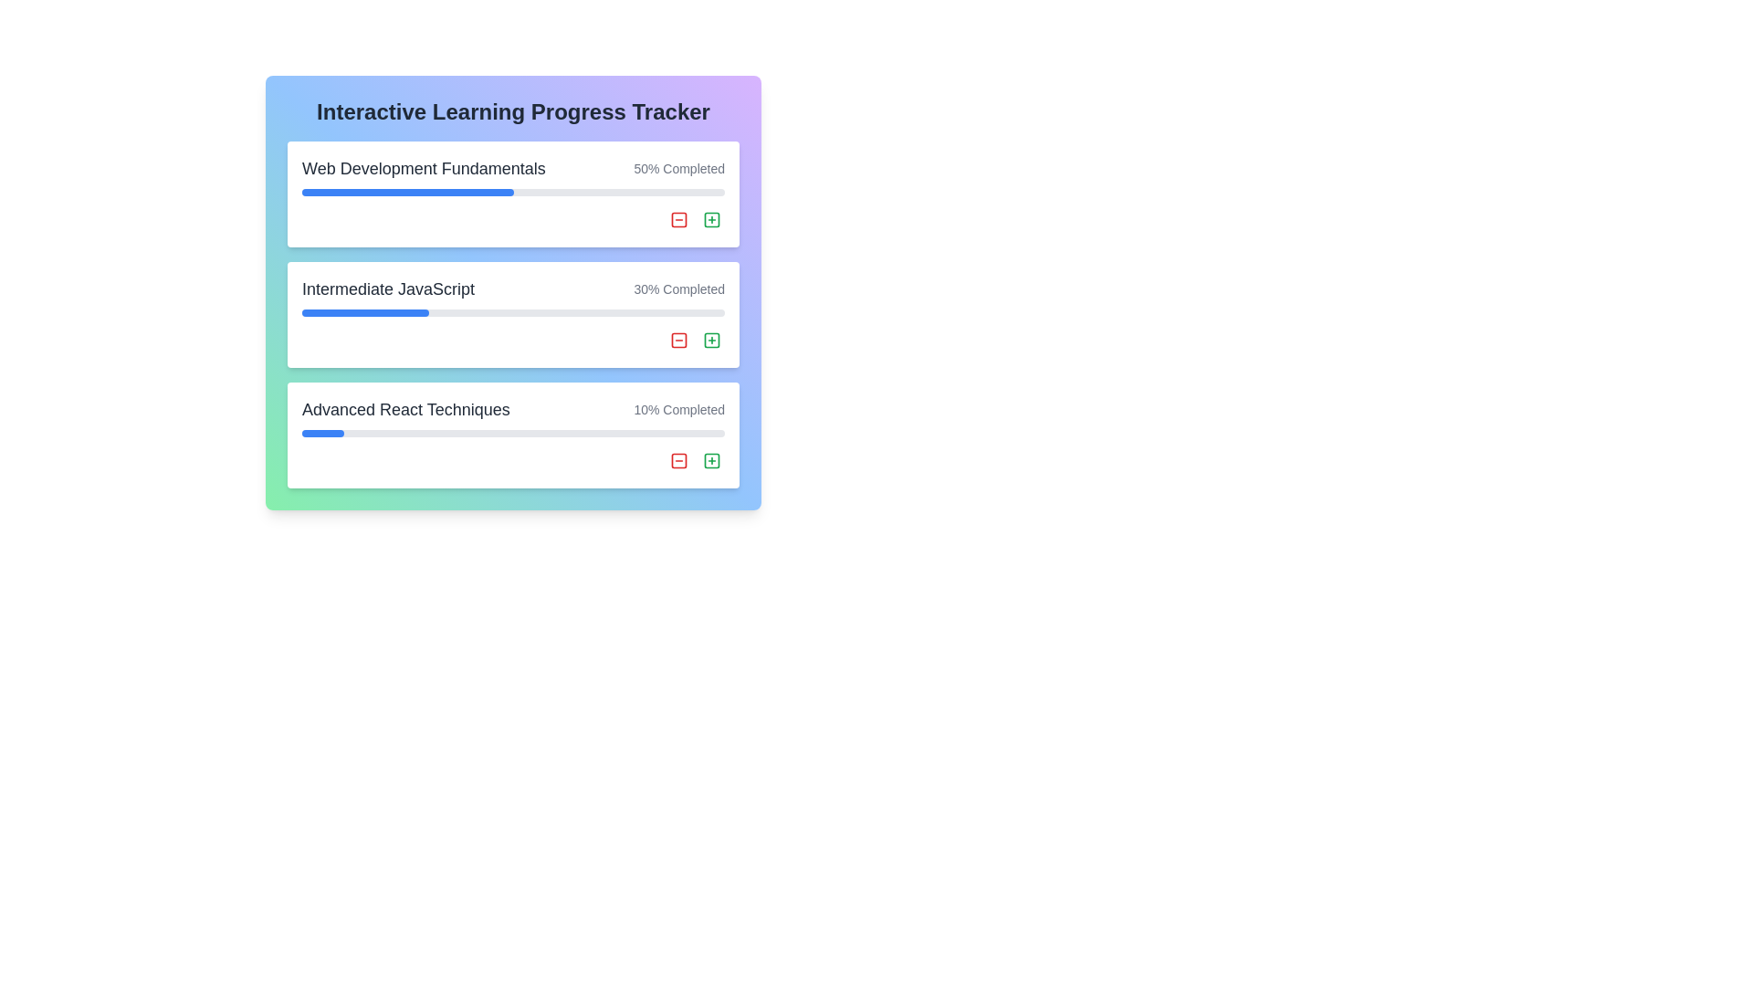  What do you see at coordinates (678, 341) in the screenshot?
I see `the small square icon with red borders and a red minus symbol inside, located within the 'Intermediate JavaScript' row` at bounding box center [678, 341].